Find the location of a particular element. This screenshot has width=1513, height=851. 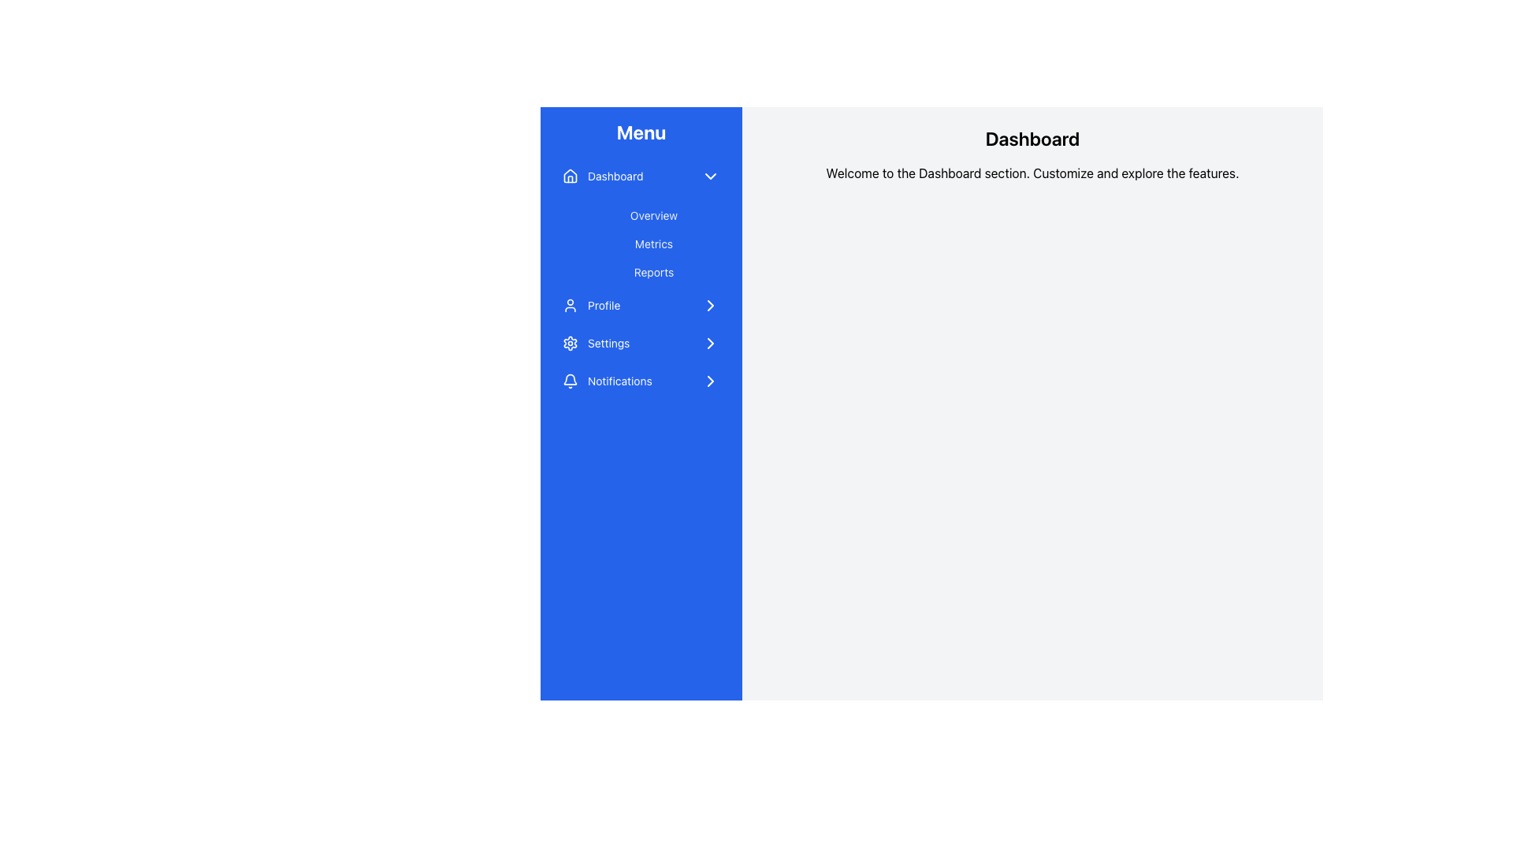

keyboard navigation is located at coordinates (570, 342).